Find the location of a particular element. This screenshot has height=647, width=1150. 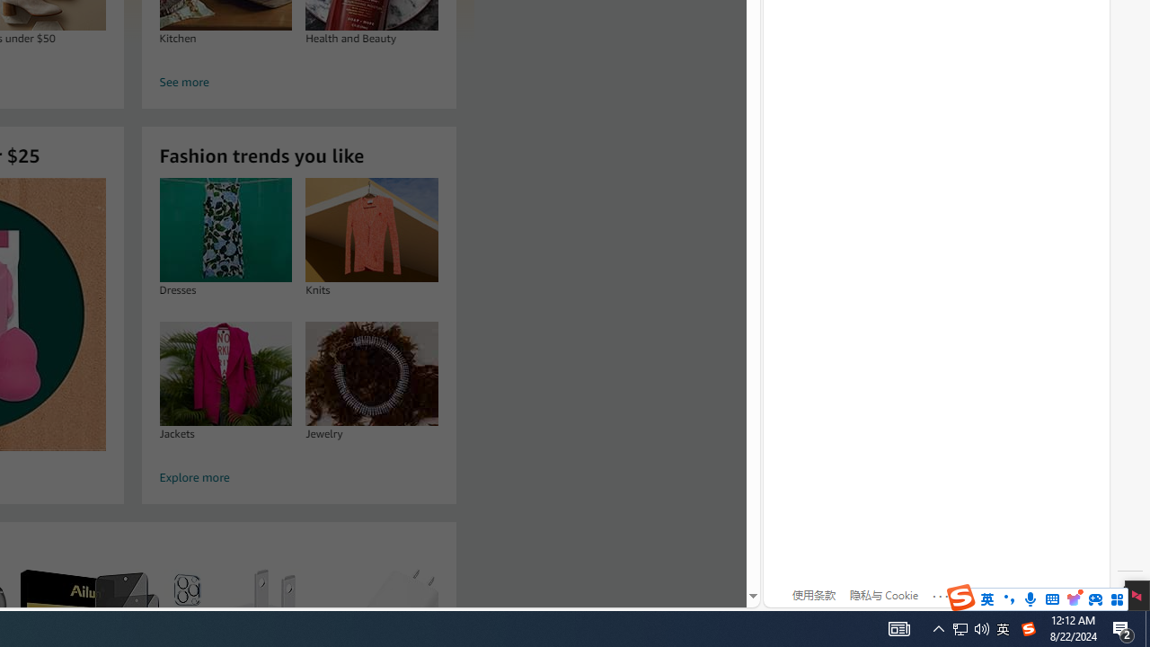

'Knits' is located at coordinates (371, 229).